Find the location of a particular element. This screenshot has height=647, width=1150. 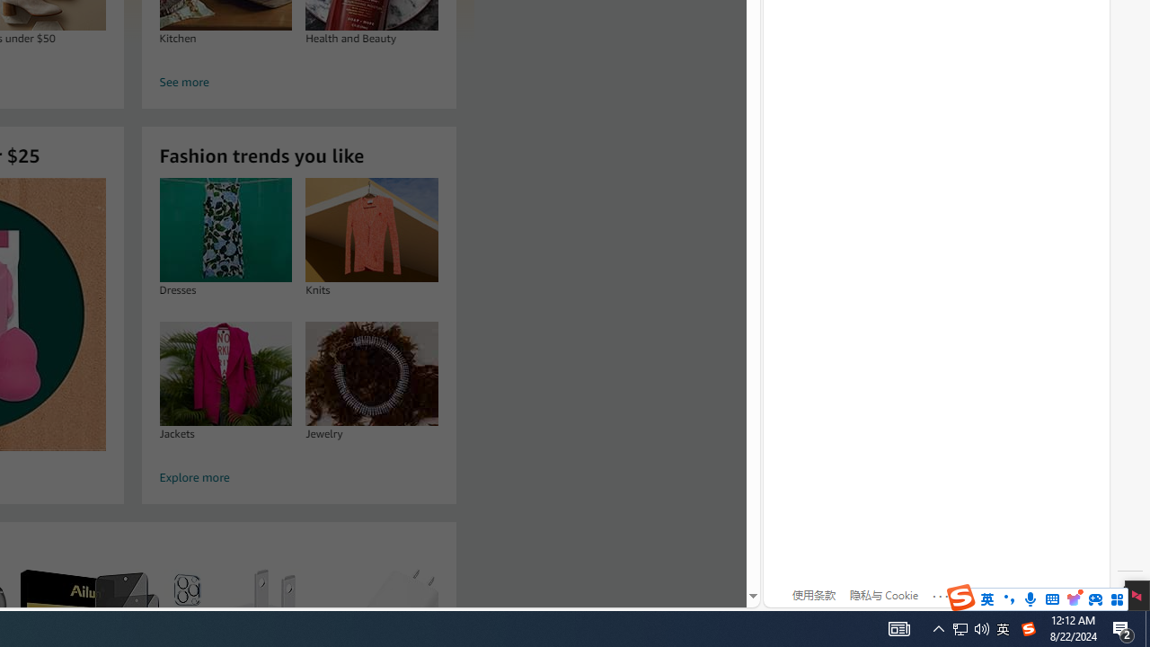

'Knits' is located at coordinates (371, 229).